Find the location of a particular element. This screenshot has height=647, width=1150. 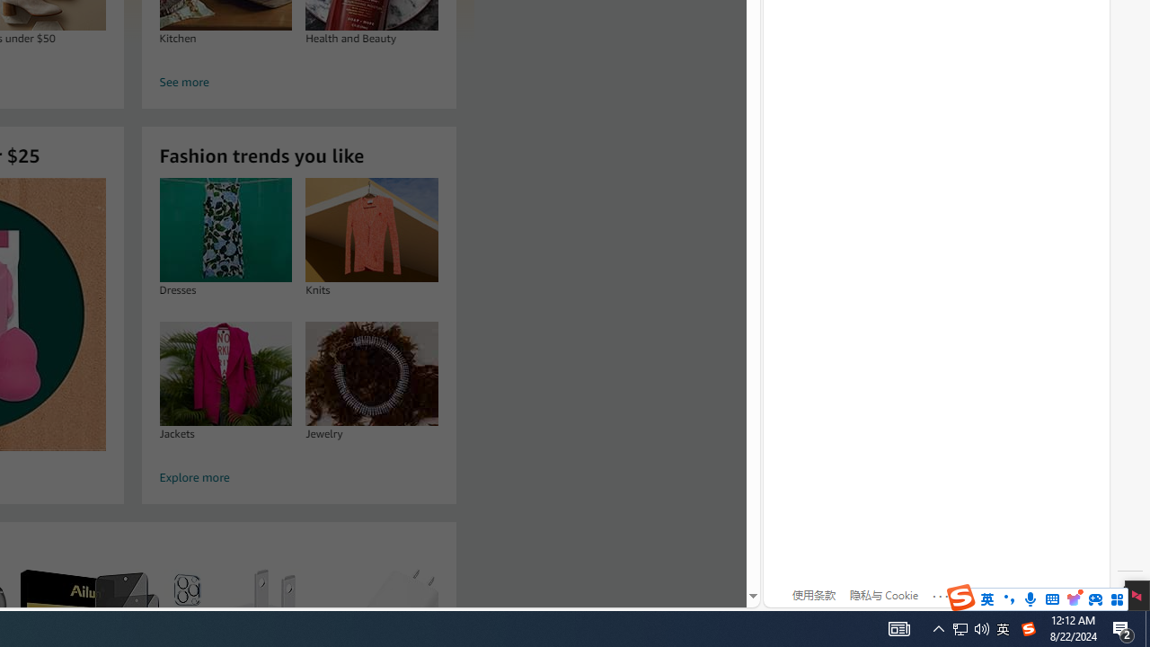

'Knits' is located at coordinates (371, 229).